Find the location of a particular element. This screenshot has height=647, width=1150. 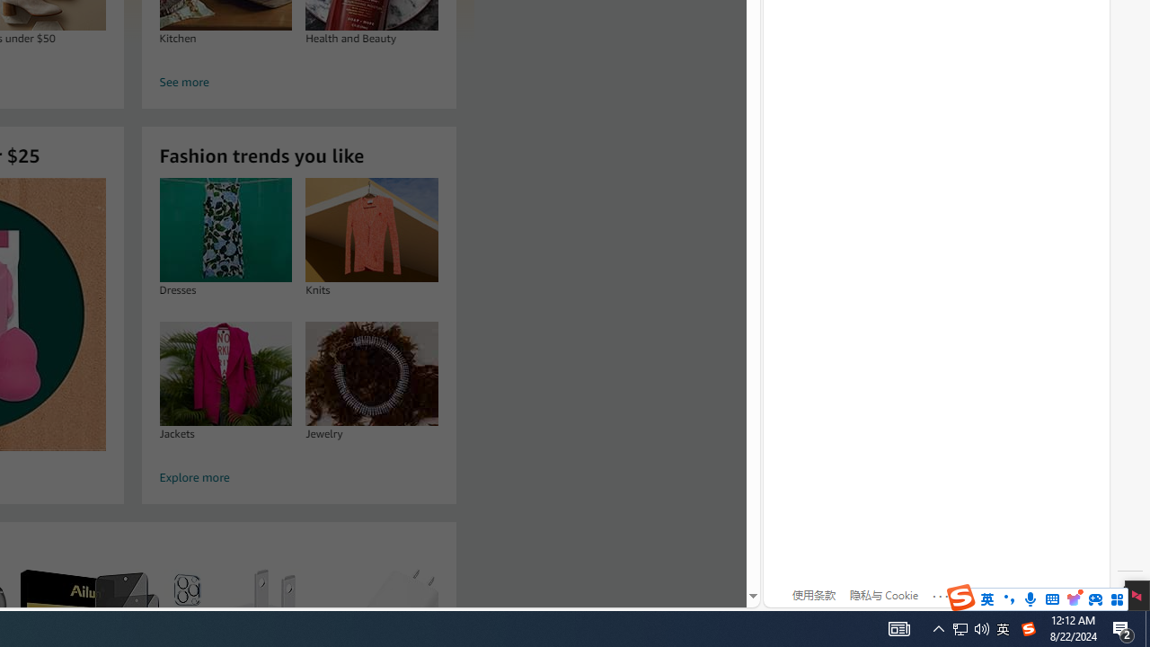

'Knits' is located at coordinates (371, 229).